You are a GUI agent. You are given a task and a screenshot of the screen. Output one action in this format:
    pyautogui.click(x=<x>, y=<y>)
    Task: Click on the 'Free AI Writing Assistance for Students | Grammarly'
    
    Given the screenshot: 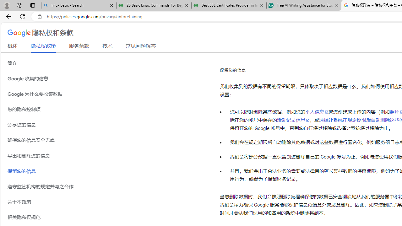 What is the action you would take?
    pyautogui.click(x=304, y=5)
    